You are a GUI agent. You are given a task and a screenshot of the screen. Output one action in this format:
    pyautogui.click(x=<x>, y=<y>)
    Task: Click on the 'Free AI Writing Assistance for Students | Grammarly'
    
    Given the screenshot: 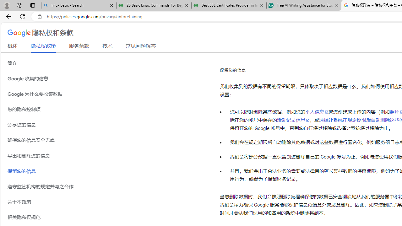 What is the action you would take?
    pyautogui.click(x=304, y=5)
    